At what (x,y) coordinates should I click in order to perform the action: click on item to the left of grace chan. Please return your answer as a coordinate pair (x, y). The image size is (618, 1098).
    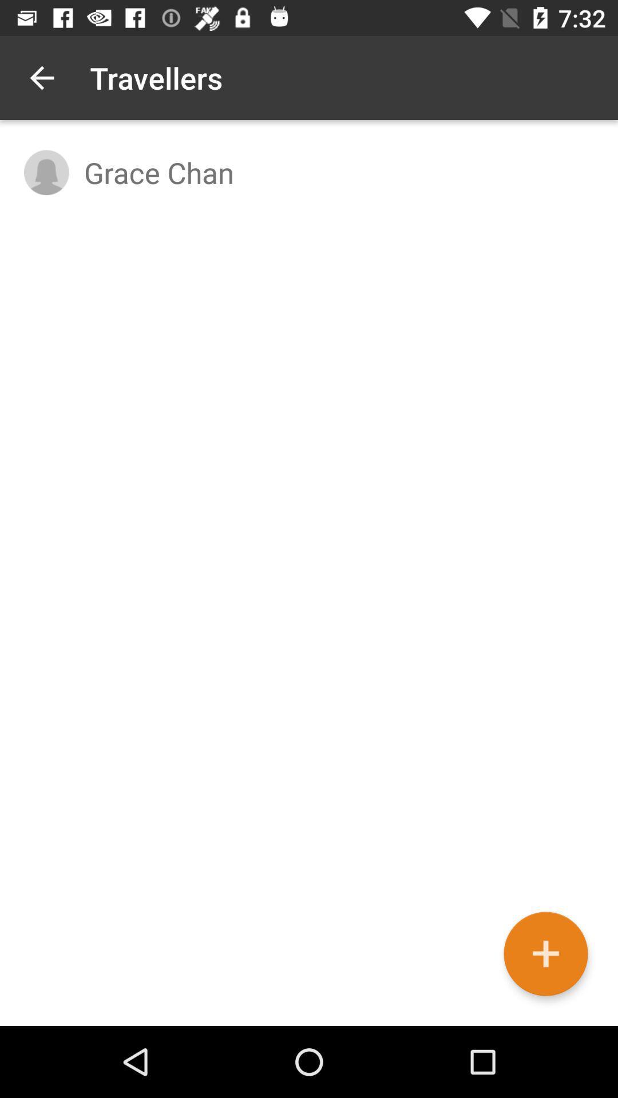
    Looking at the image, I should click on (46, 172).